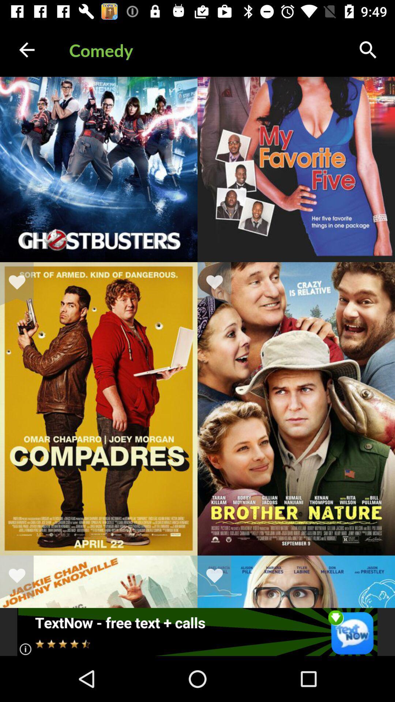 Image resolution: width=395 pixels, height=702 pixels. What do you see at coordinates (21, 283) in the screenshot?
I see `favorite` at bounding box center [21, 283].